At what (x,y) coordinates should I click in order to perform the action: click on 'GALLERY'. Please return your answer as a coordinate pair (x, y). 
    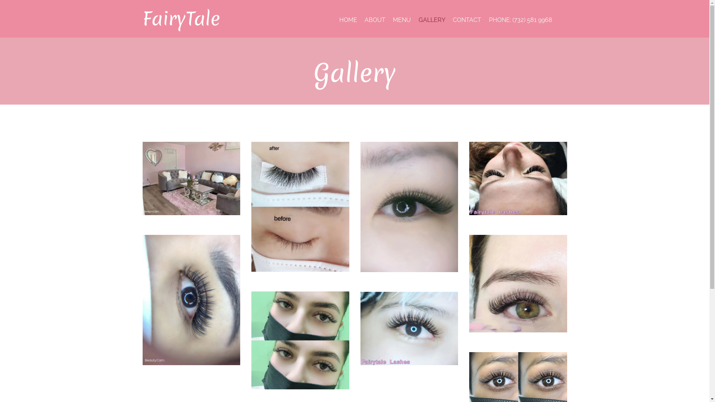
    Looking at the image, I should click on (432, 20).